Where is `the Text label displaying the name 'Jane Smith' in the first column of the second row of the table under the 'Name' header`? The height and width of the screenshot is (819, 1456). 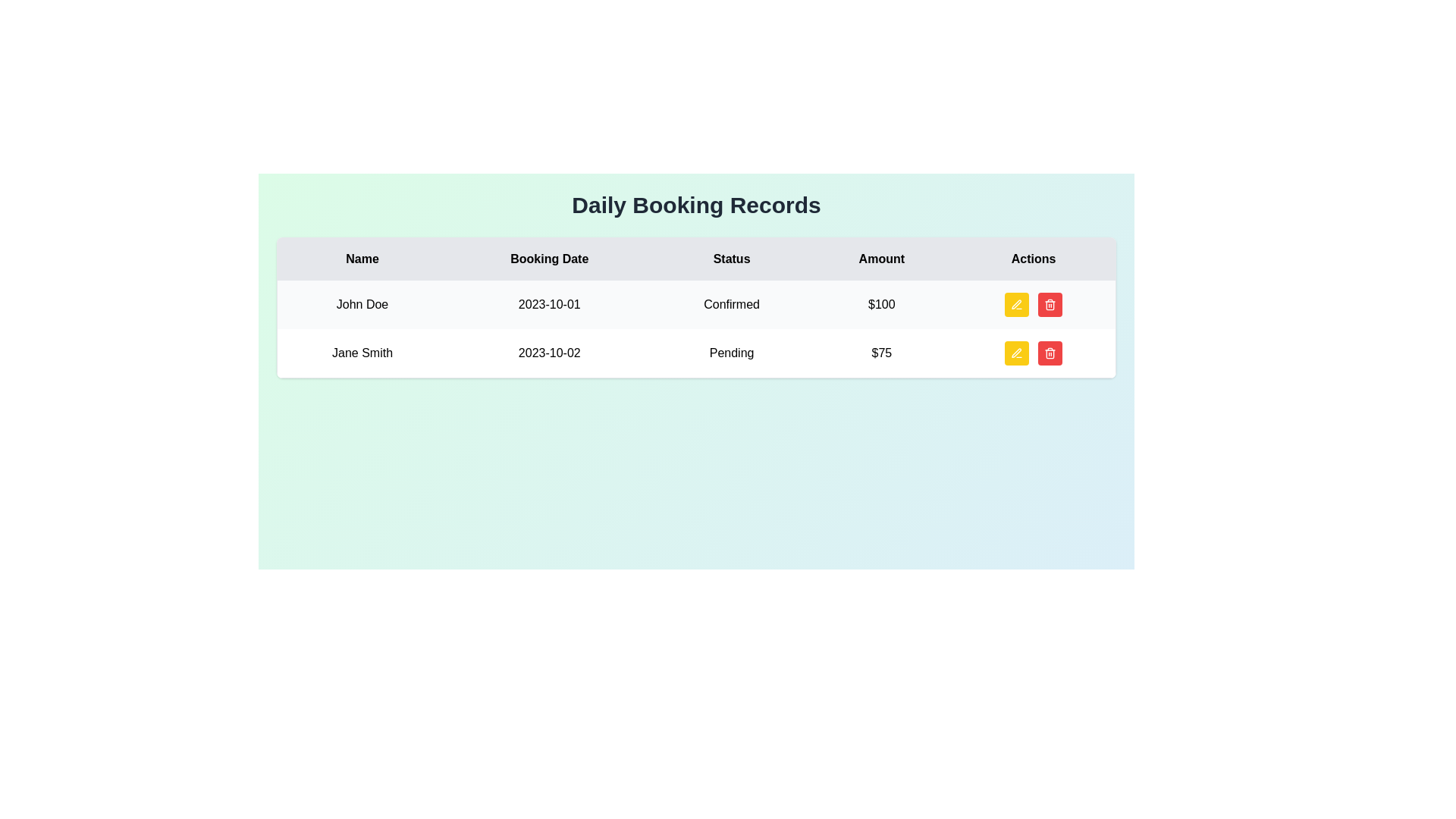 the Text label displaying the name 'Jane Smith' in the first column of the second row of the table under the 'Name' header is located at coordinates (361, 353).